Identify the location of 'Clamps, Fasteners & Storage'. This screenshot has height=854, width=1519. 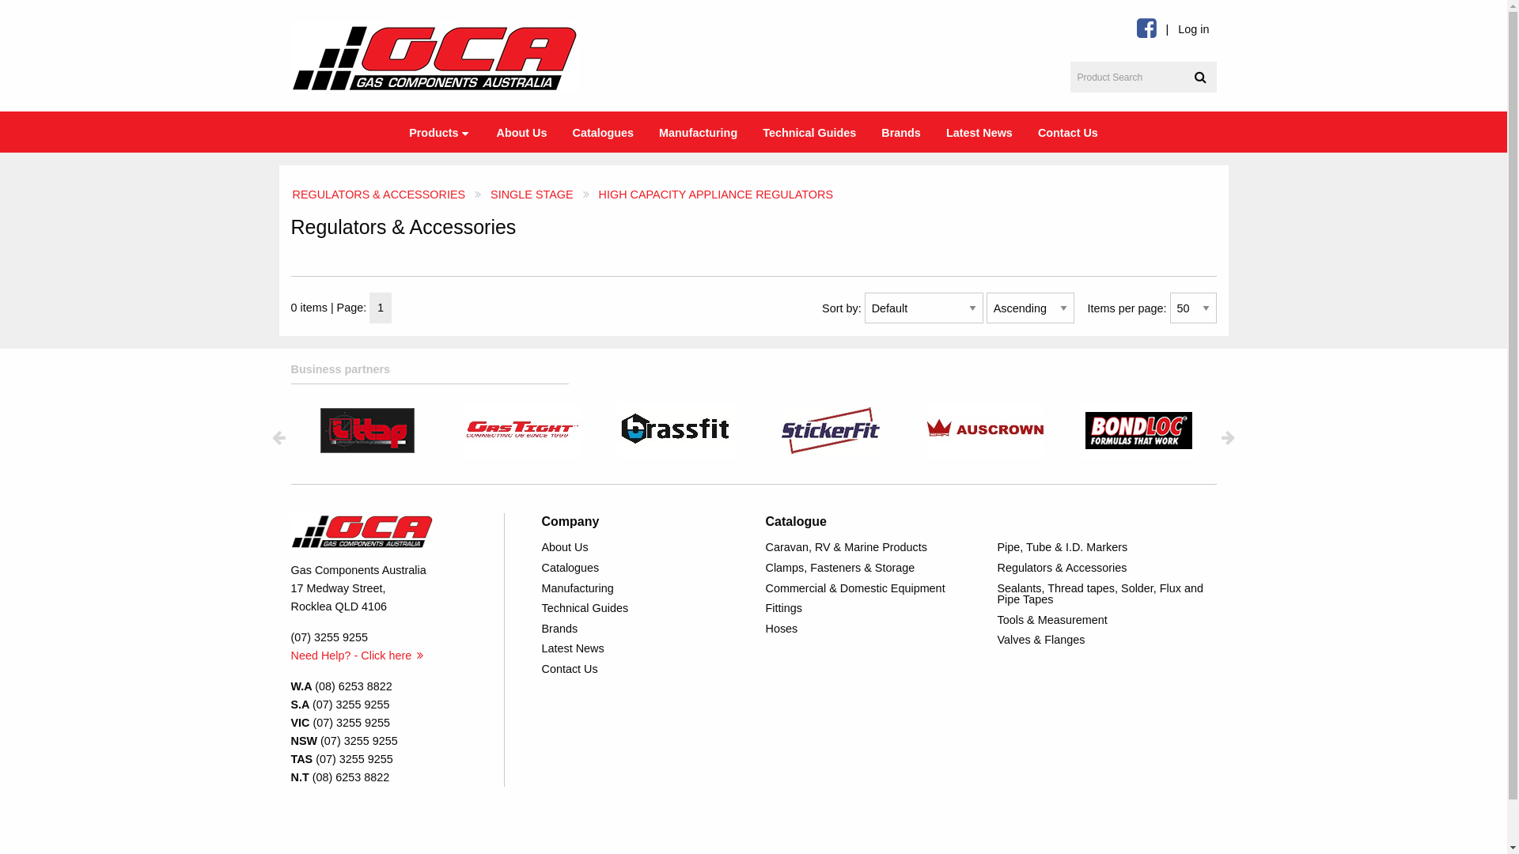
(874, 566).